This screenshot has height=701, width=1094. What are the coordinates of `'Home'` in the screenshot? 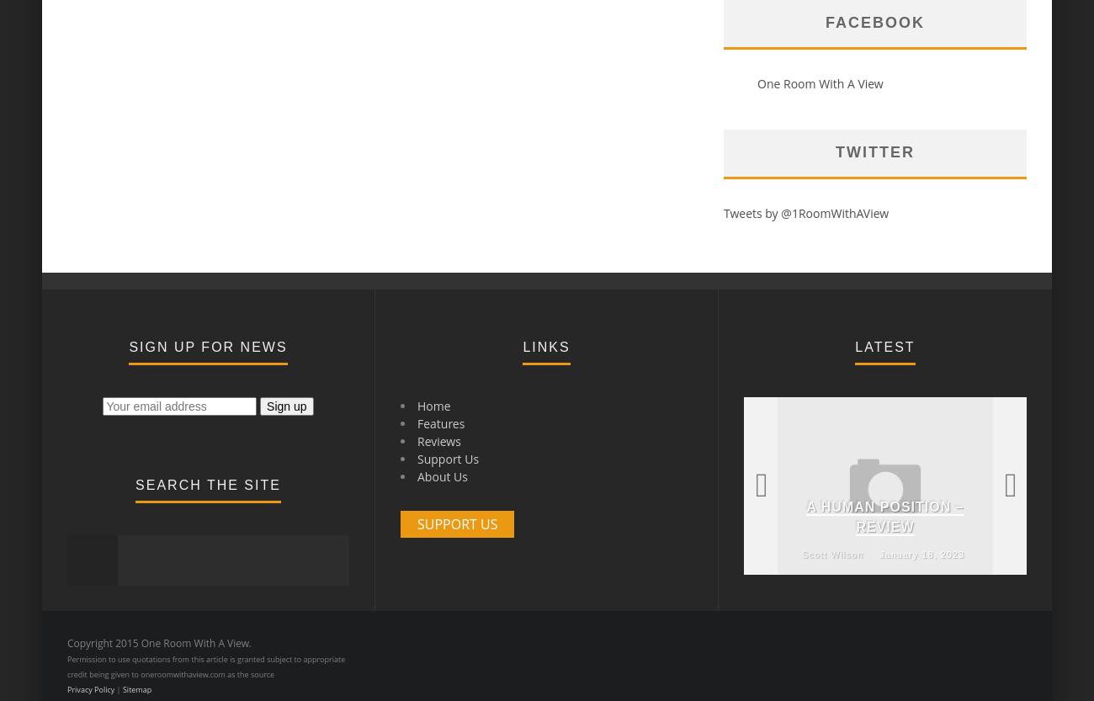 It's located at (417, 406).